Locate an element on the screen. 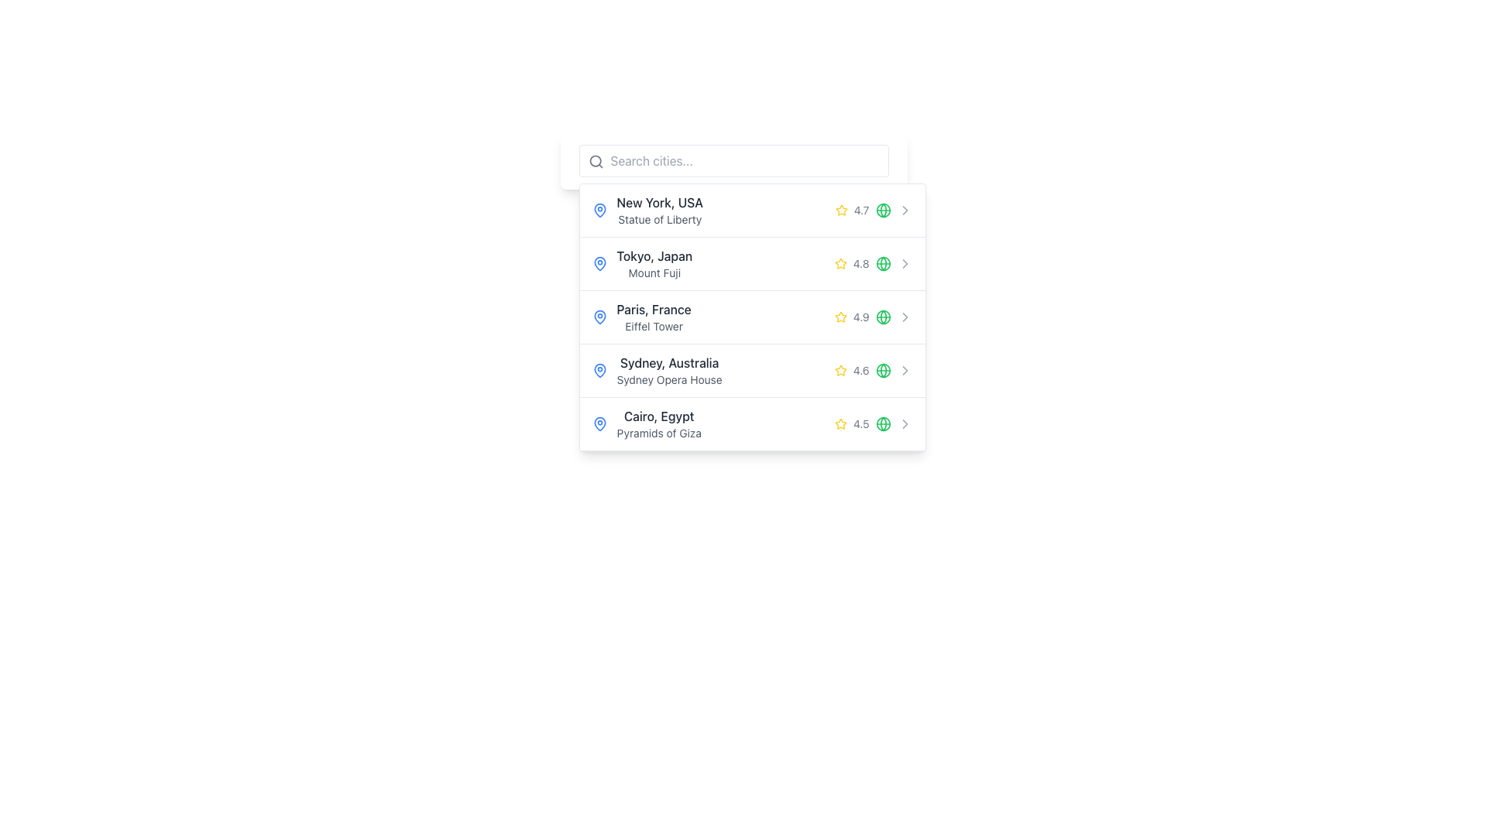 The width and height of the screenshot is (1487, 836). the chevron icon located at the end of the row for 'New York, USA' is located at coordinates (905, 211).